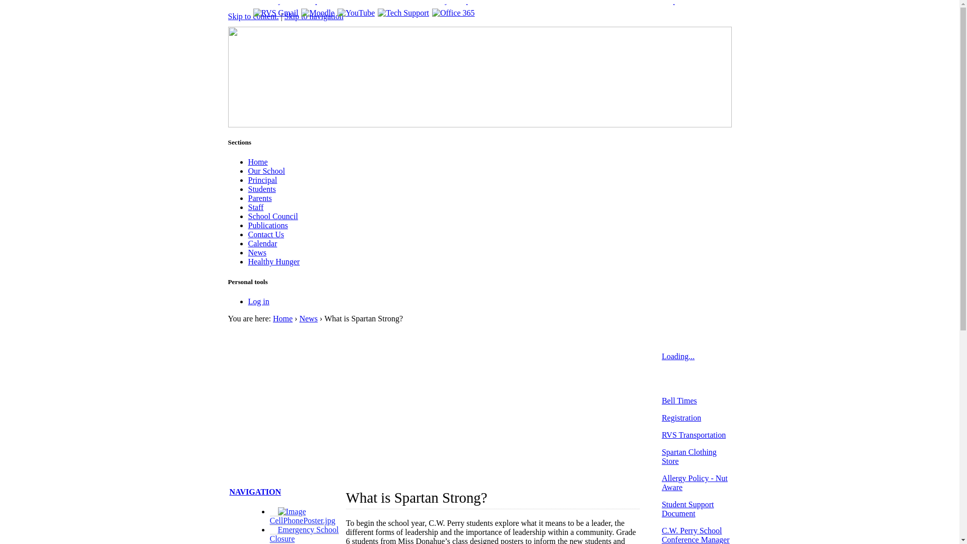 Image resolution: width=967 pixels, height=544 pixels. Describe the element at coordinates (247, 234) in the screenshot. I see `'Contact Us'` at that location.